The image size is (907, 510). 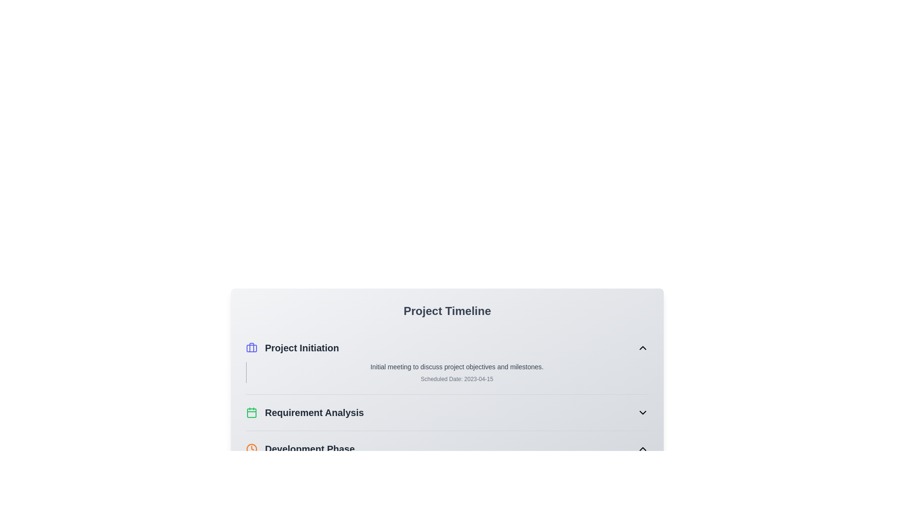 I want to click on the rounded rectangle in the middle section of the calendar icon, which is styled with a green fill color and is the third graphical component among its siblings, so click(x=251, y=413).